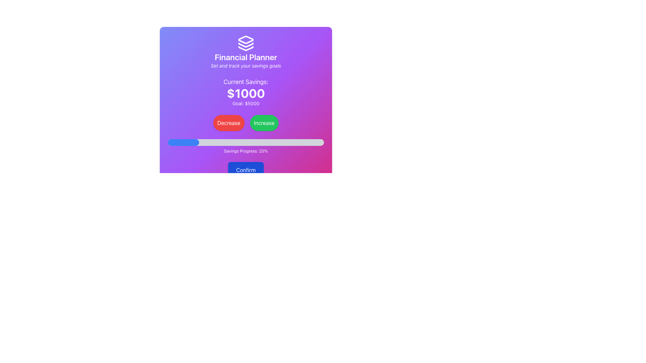 The height and width of the screenshot is (363, 646). What do you see at coordinates (245, 43) in the screenshot?
I see `the icon element located above the text 'Financial Planner', which consists of three stacked shapes outlined with a white stroke color on a light purple background` at bounding box center [245, 43].